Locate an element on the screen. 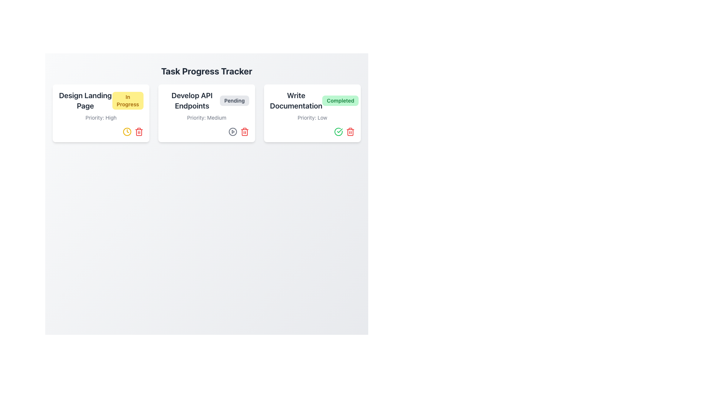 The width and height of the screenshot is (712, 400). the title text of the third task card, located at the top-central position is located at coordinates (296, 101).